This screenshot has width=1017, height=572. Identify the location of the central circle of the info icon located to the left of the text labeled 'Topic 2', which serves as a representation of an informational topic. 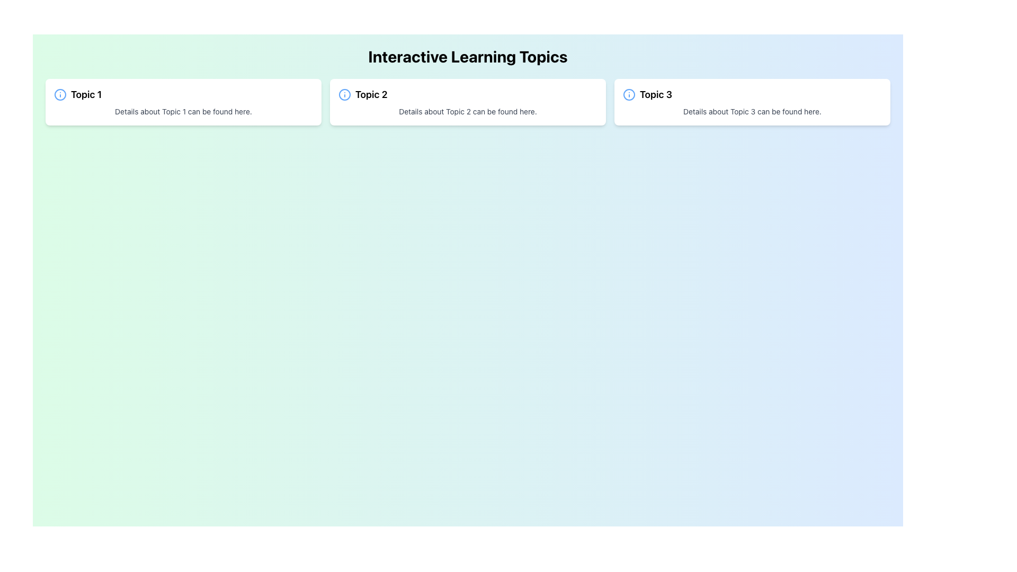
(345, 94).